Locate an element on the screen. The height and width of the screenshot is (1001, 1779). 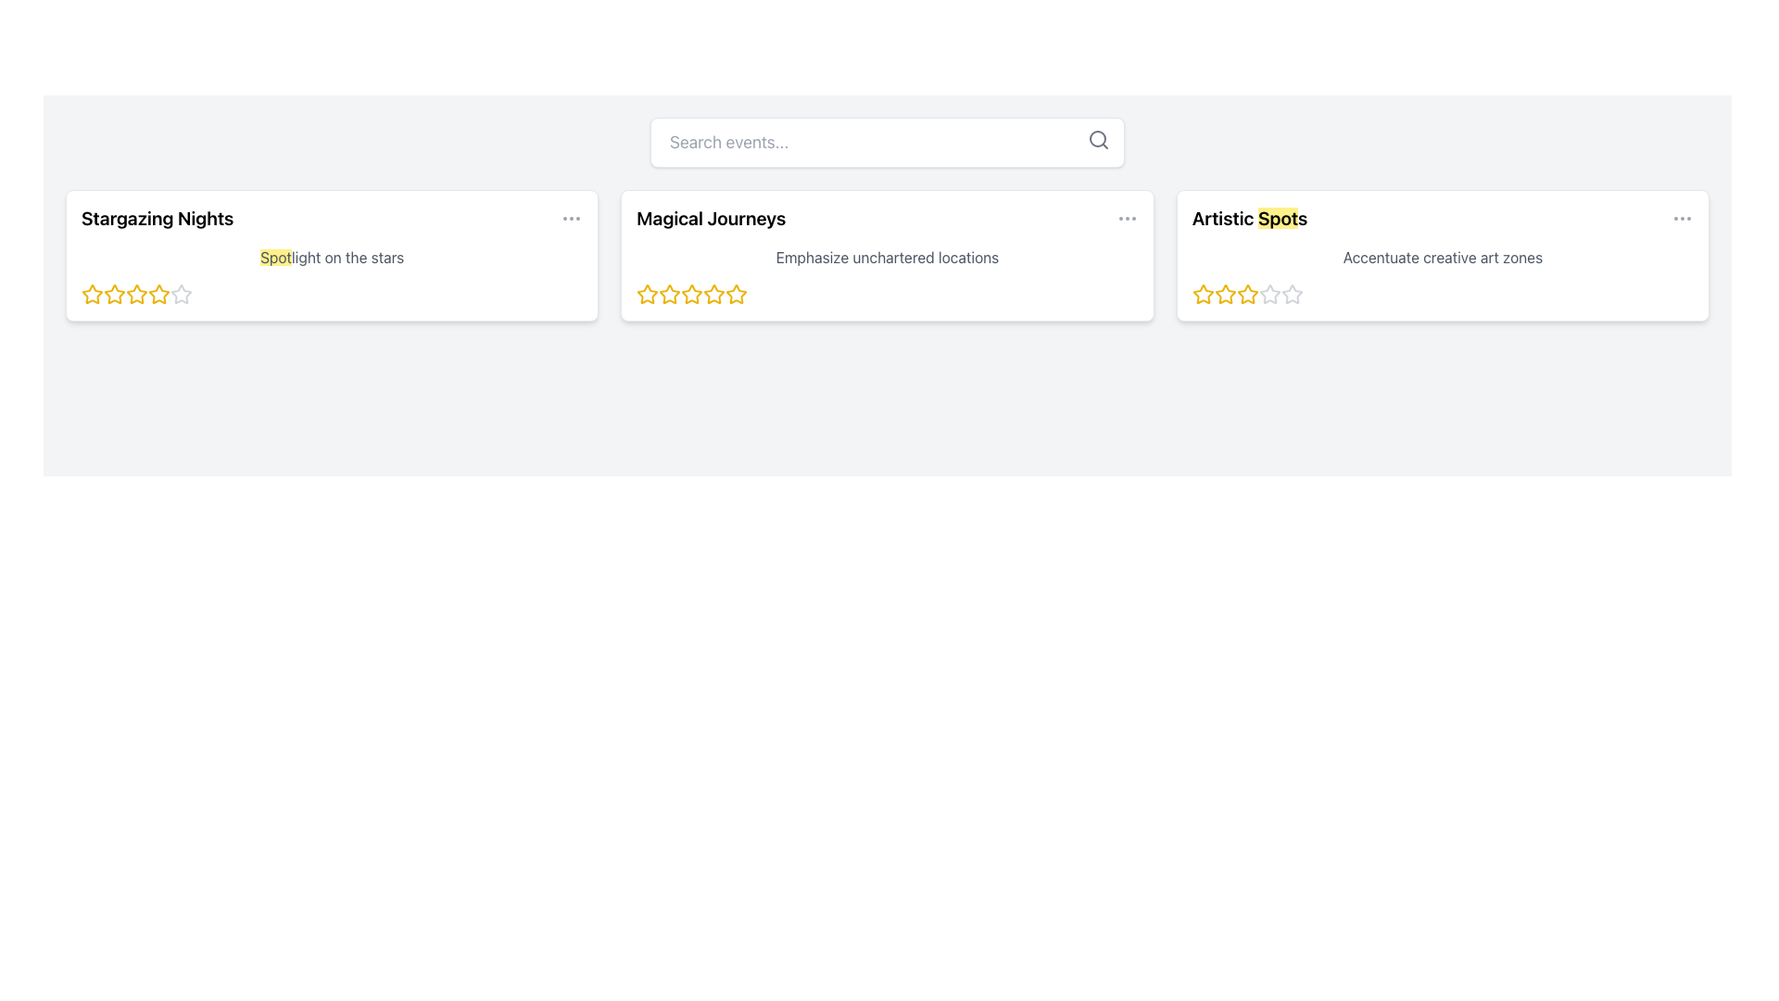
the state of the fifth star icon used for rating in the 'Stargazing Nights' card is located at coordinates (182, 293).